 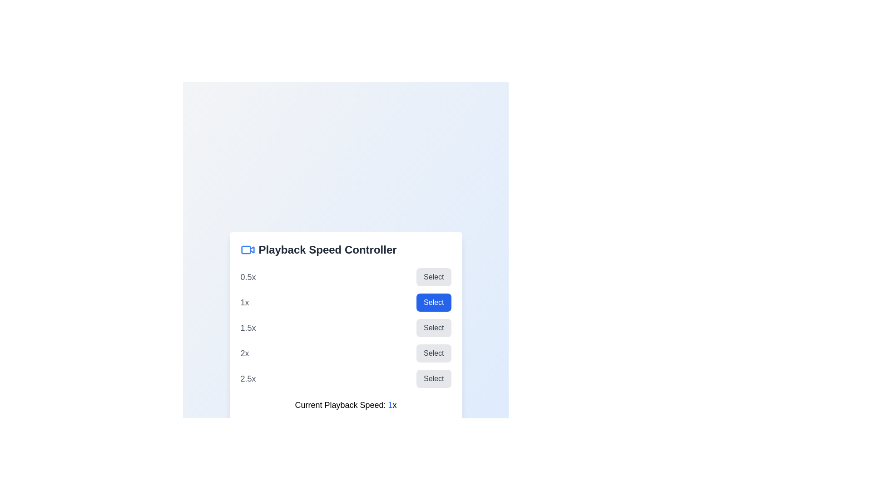 I want to click on the 'Select' button located in the third row of the playback speed options between '1x' and '2x' in the 'Playback Speed Controller' panel to set the playback speed to 1.5 times the normal speed, so click(x=345, y=328).